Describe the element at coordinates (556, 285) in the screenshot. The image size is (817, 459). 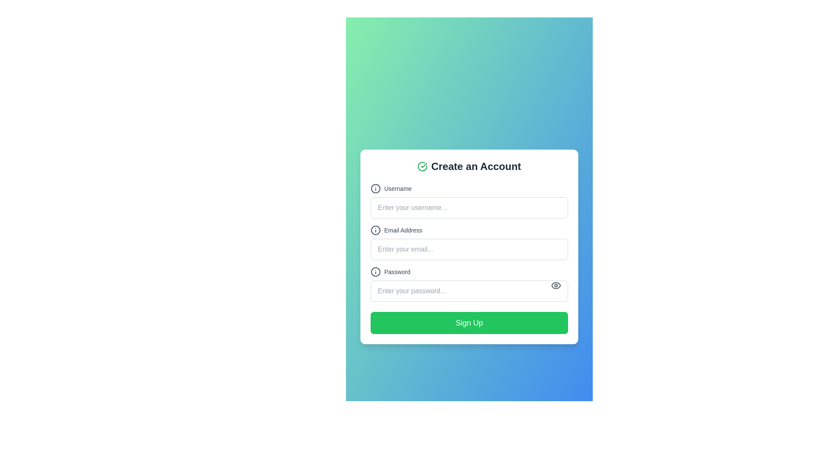
I see `the toggle button for showing or hiding the password, located at the top-right corner of the password input field` at that location.